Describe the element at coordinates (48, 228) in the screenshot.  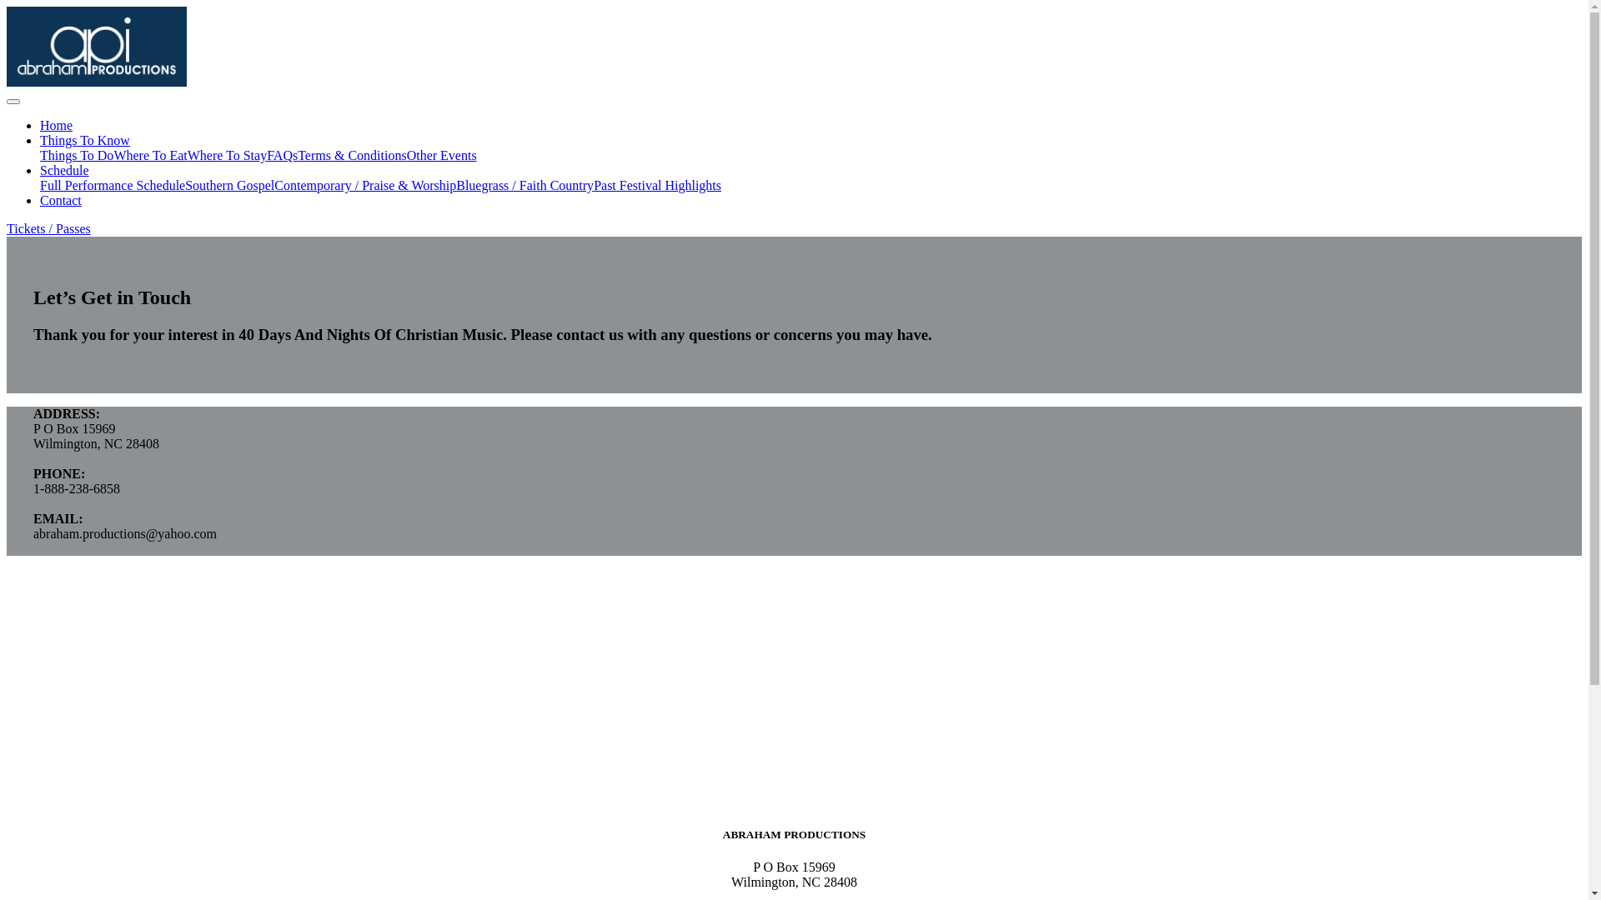
I see `'Tickets / Passes'` at that location.